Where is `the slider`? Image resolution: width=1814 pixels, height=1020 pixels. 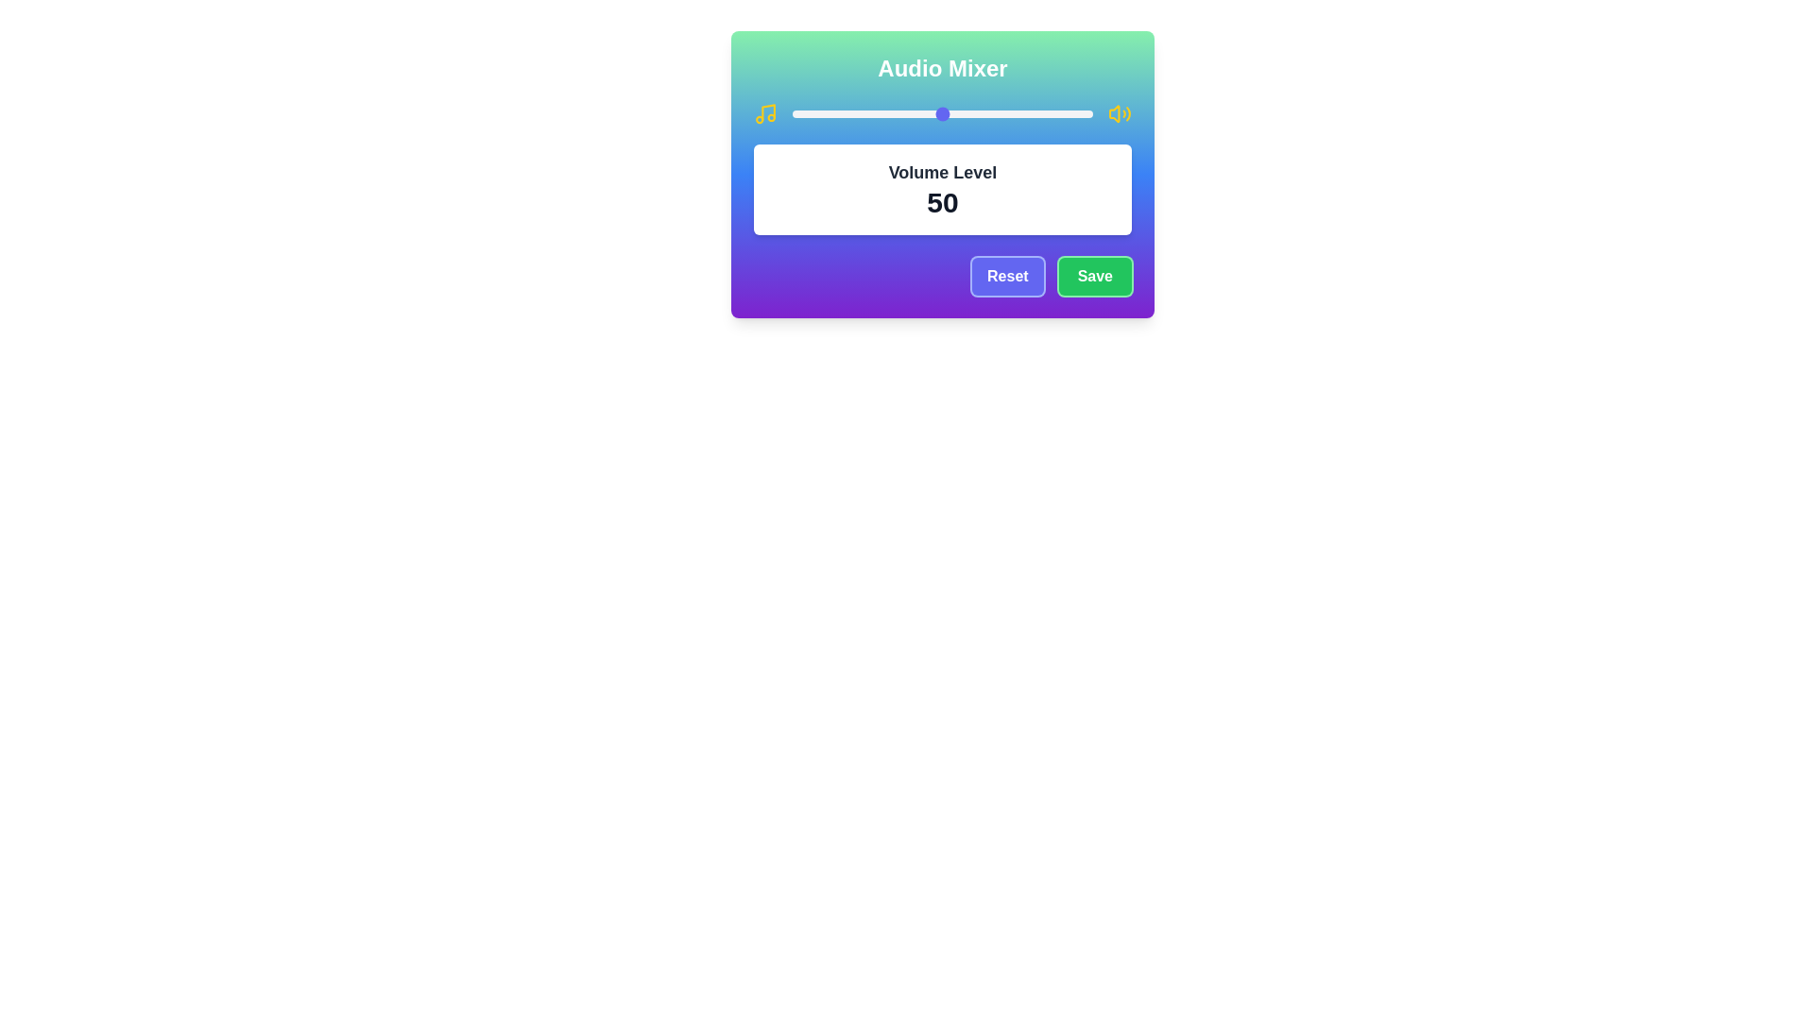 the slider is located at coordinates (807, 113).